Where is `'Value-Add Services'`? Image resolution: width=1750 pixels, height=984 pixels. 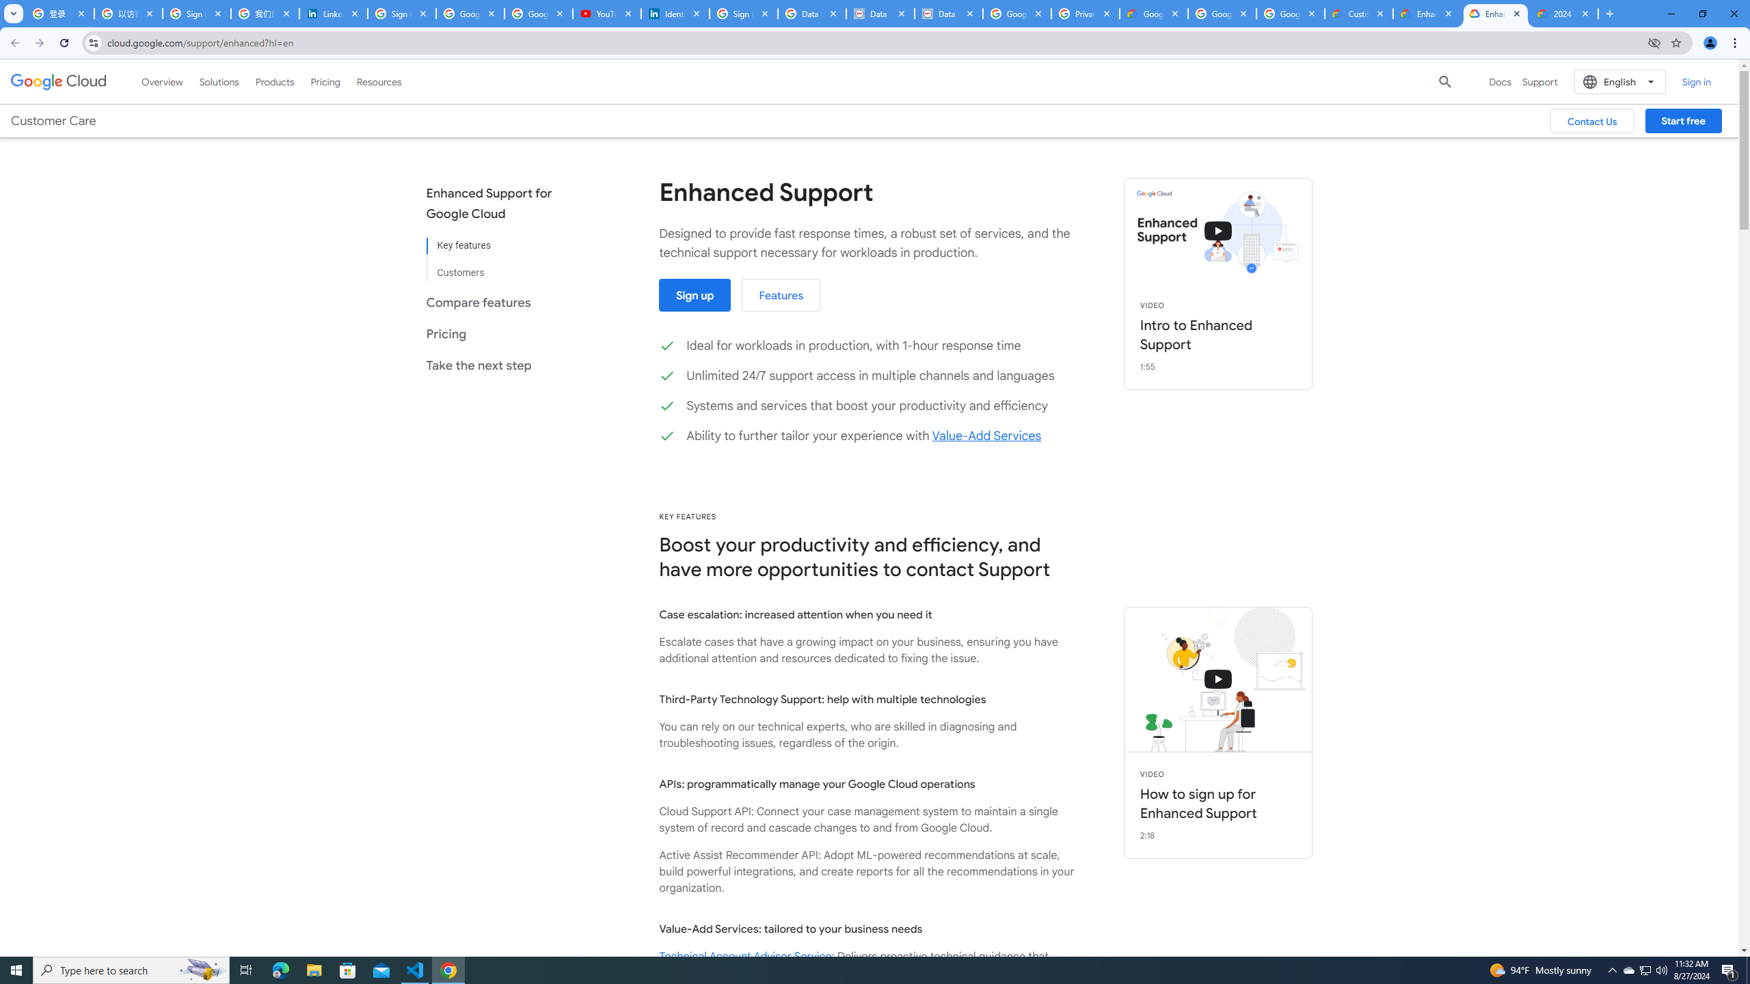
'Value-Add Services' is located at coordinates (986, 435).